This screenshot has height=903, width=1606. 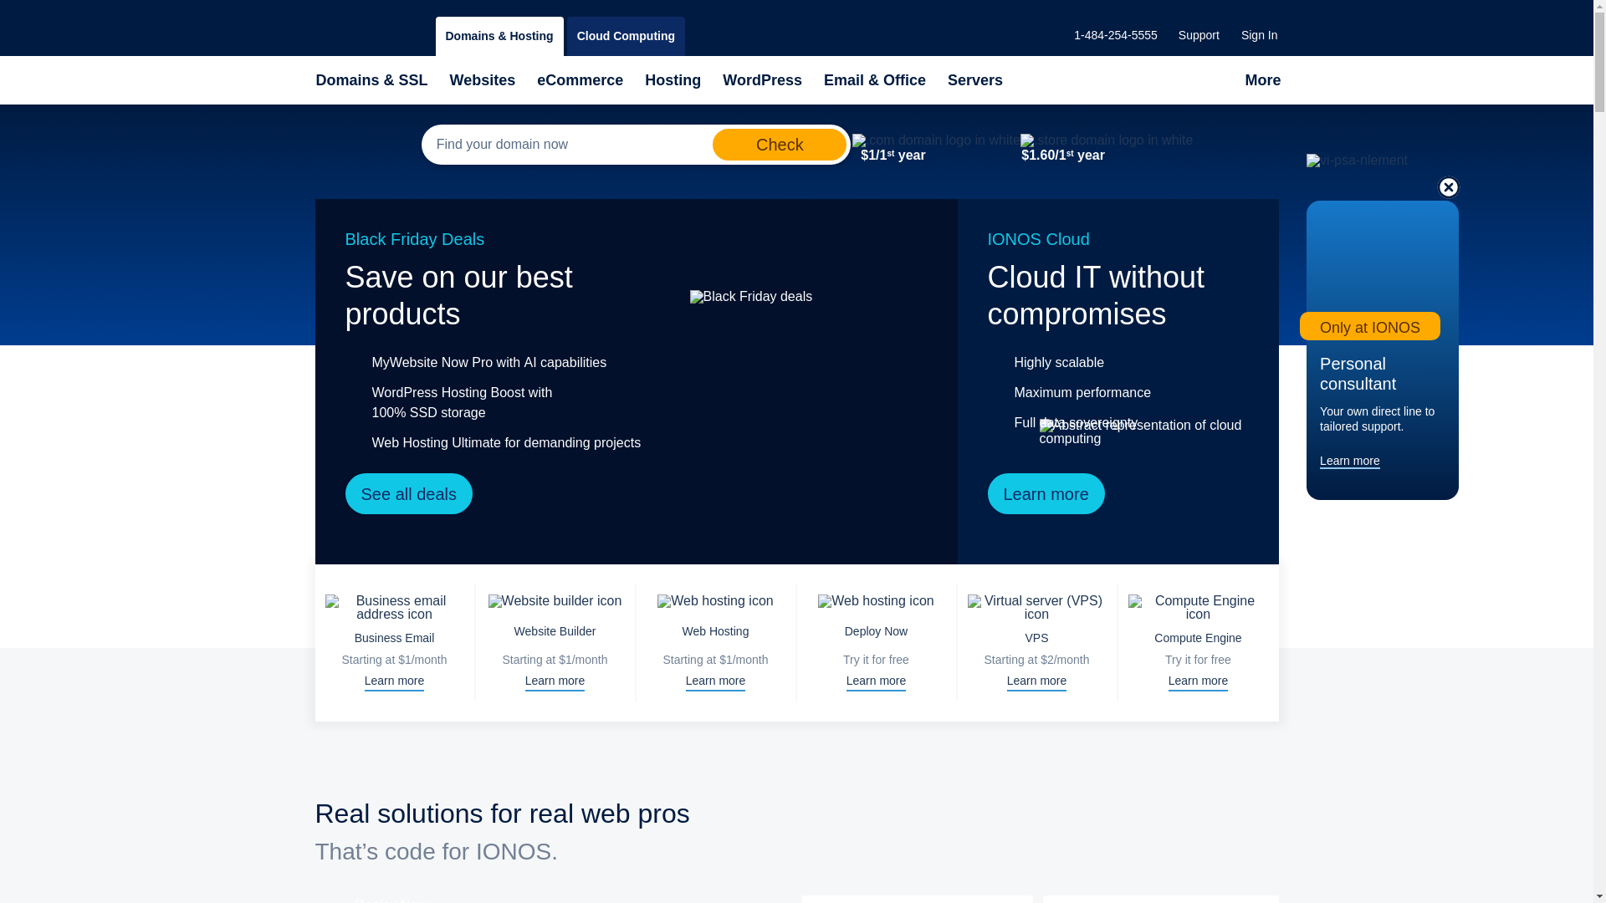 What do you see at coordinates (712, 144) in the screenshot?
I see `'Check'` at bounding box center [712, 144].